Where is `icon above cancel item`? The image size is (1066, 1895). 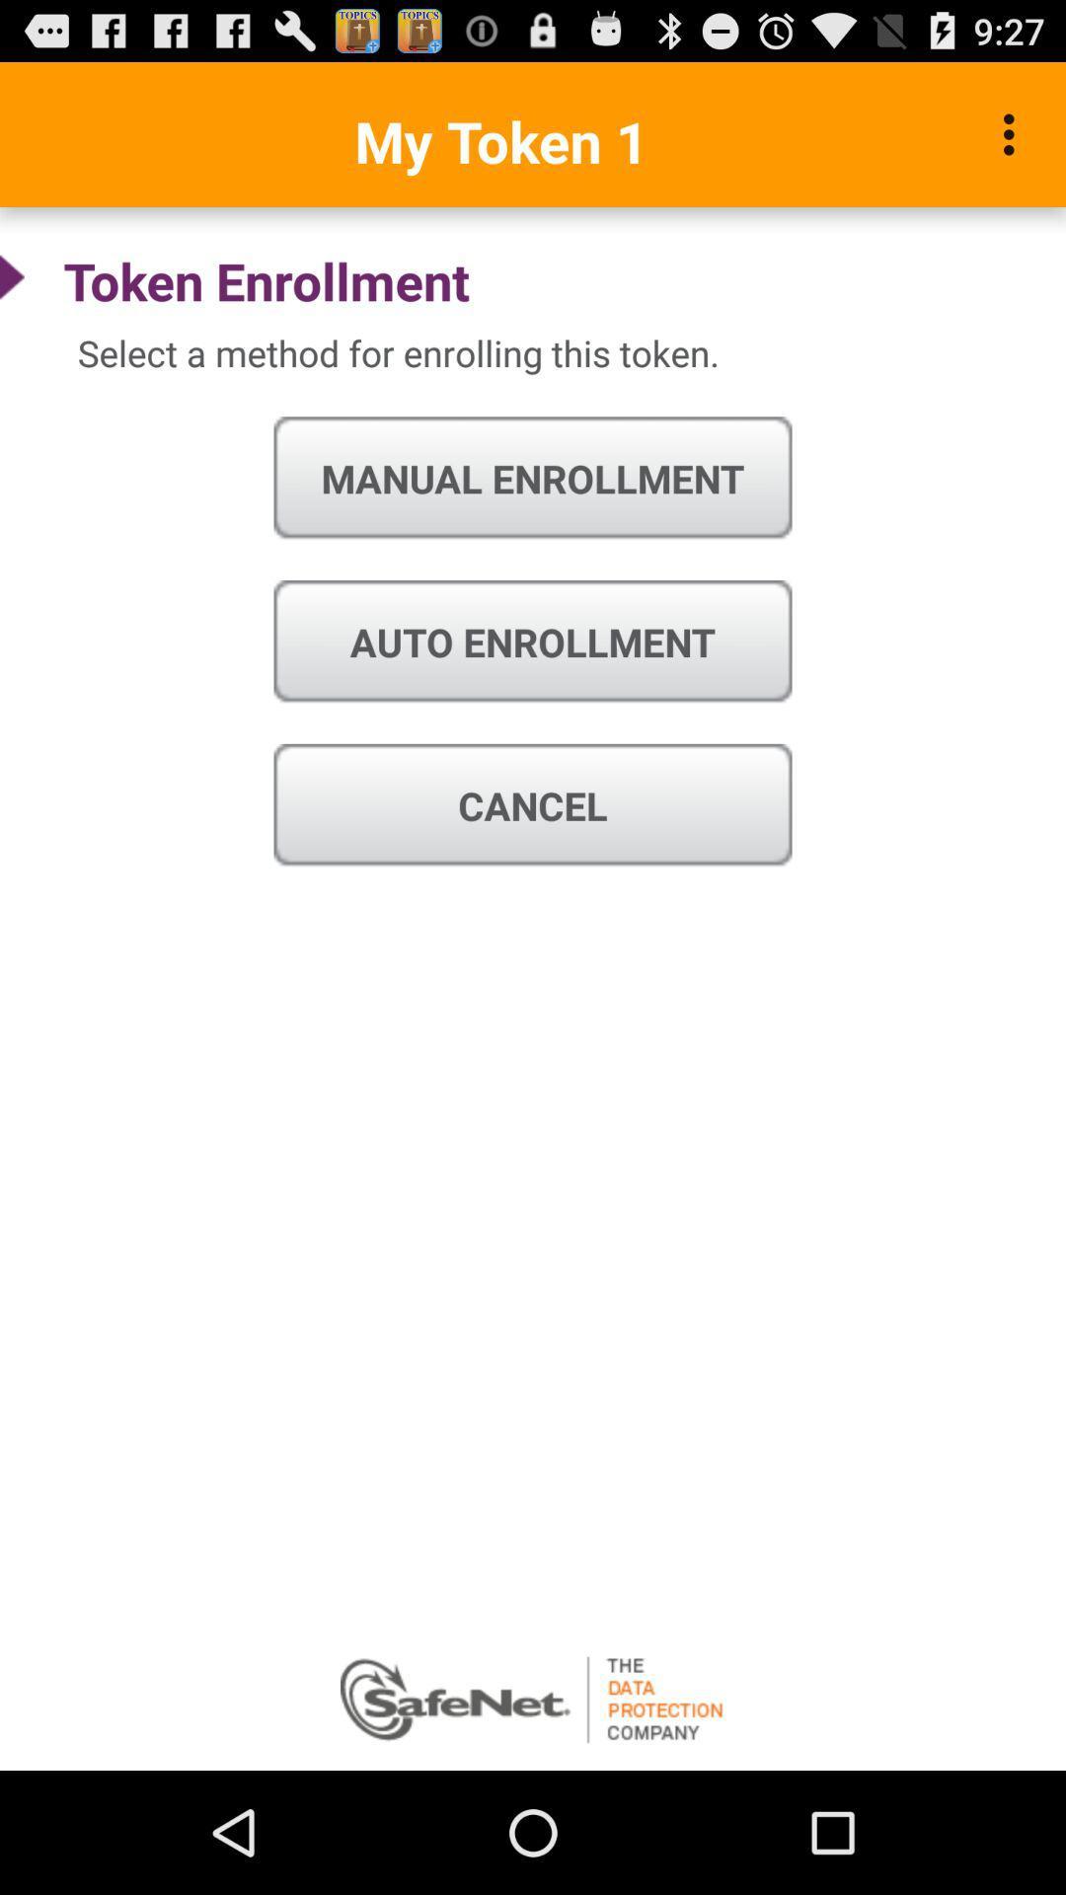 icon above cancel item is located at coordinates (533, 643).